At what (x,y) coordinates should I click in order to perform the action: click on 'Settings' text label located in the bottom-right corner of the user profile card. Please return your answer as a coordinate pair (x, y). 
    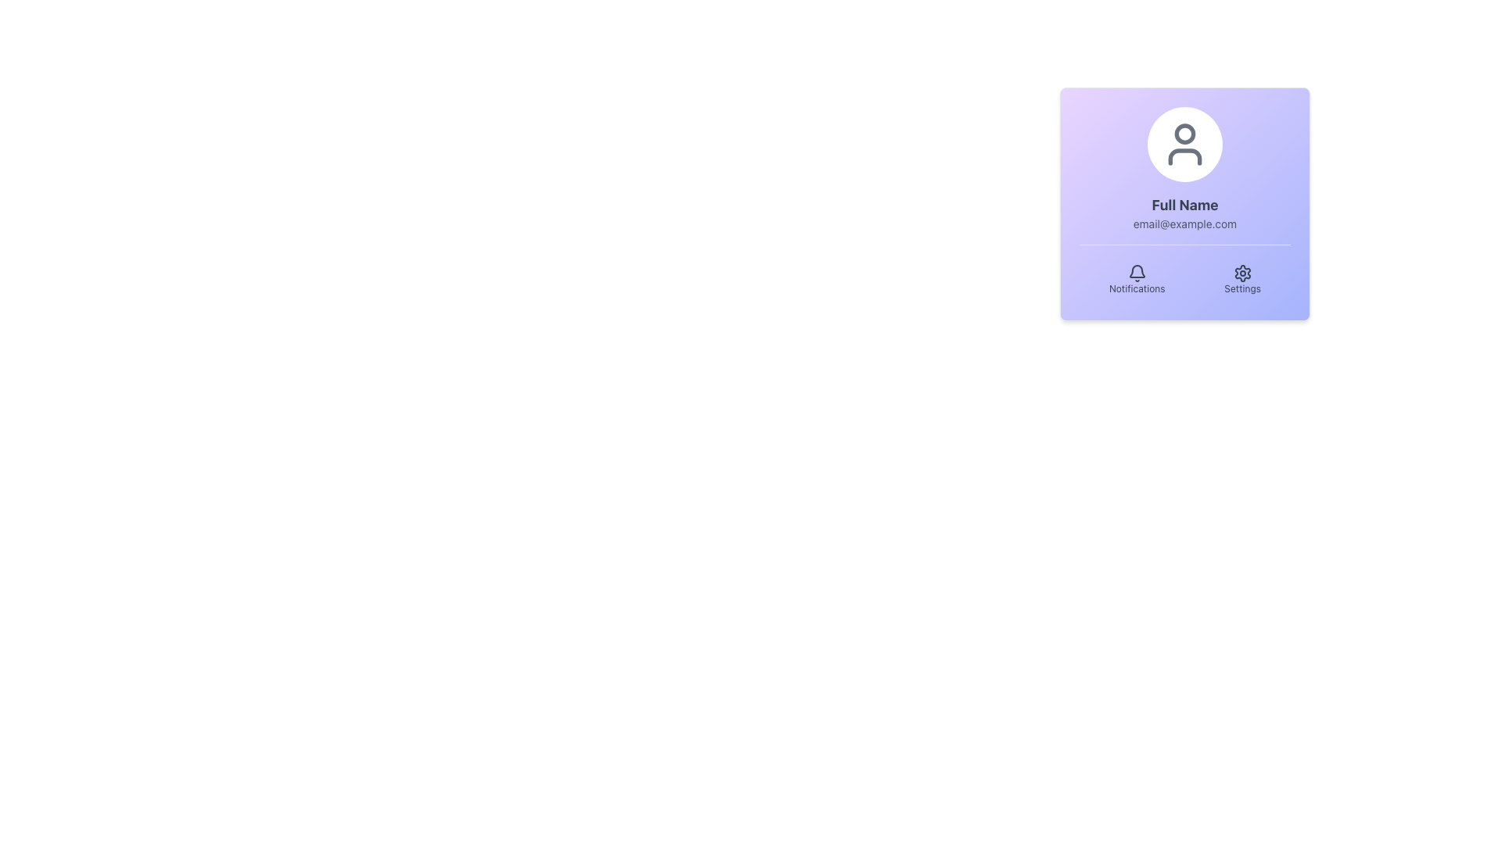
    Looking at the image, I should click on (1241, 289).